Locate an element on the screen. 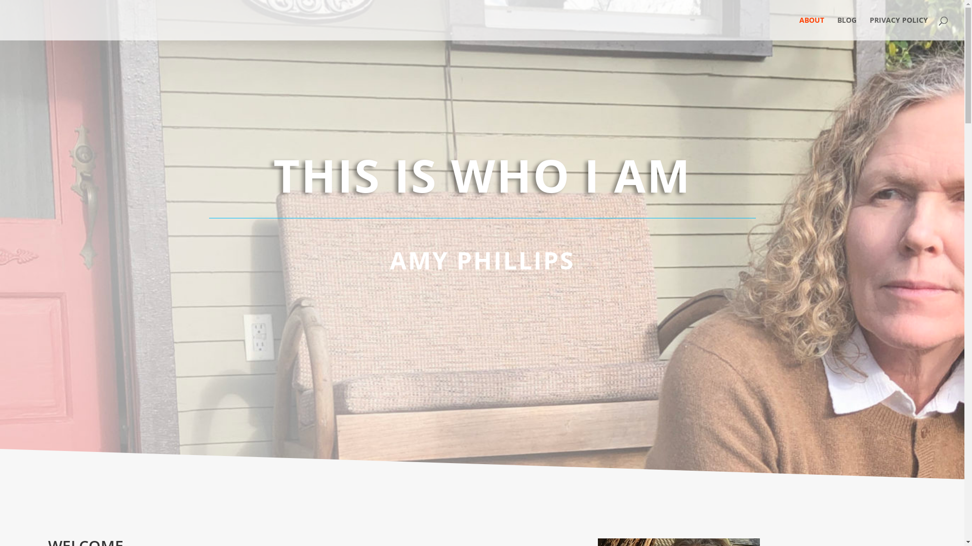  'ABOUT' is located at coordinates (812, 28).